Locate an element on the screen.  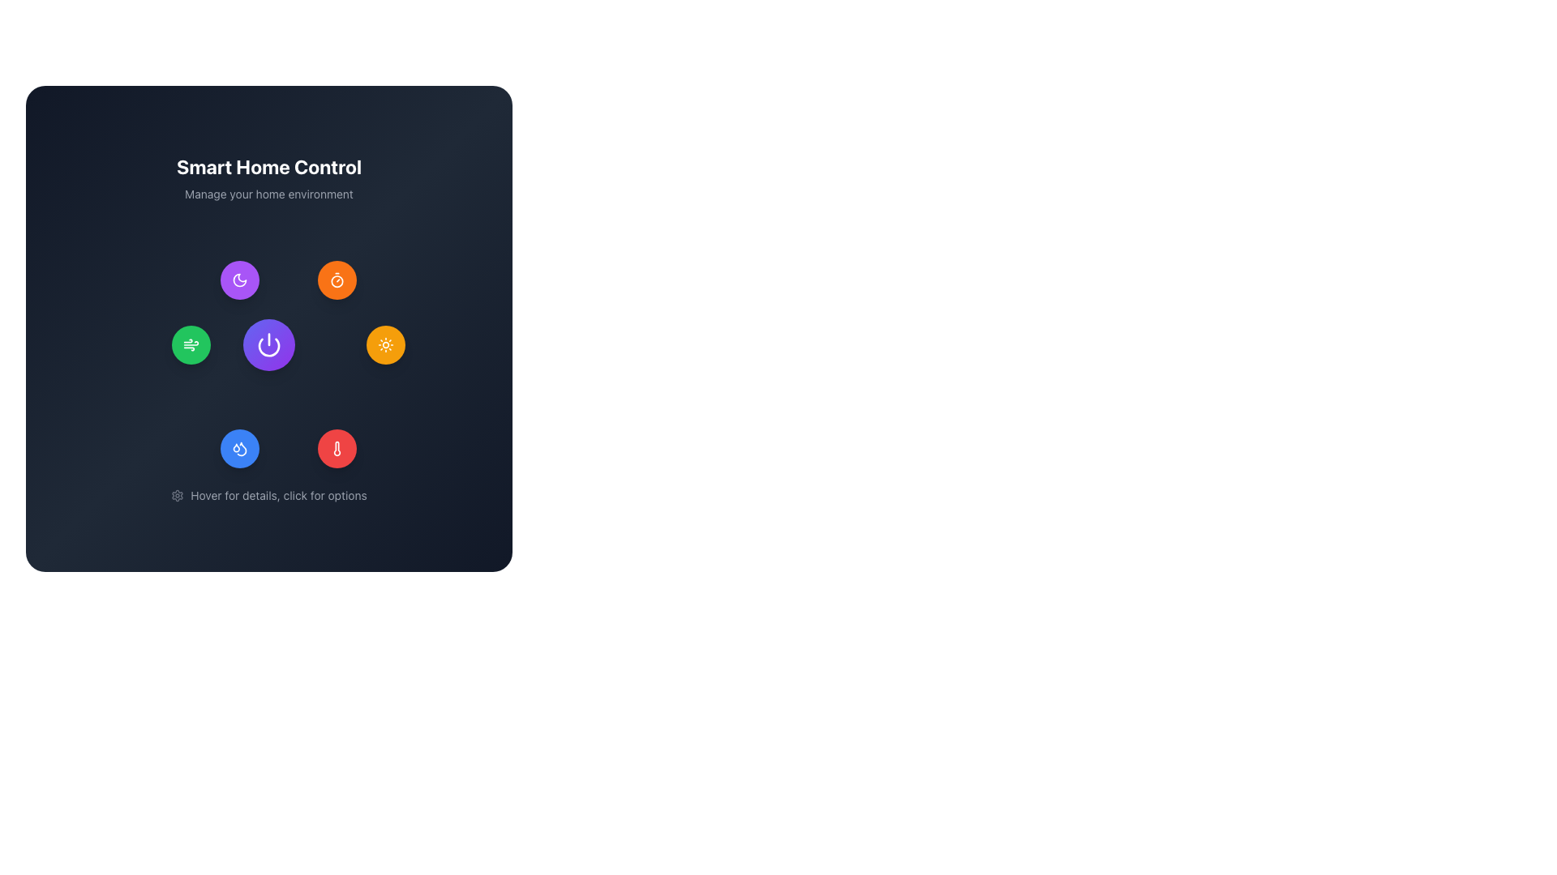
the circular button with a gradient background and a power button icon at its center is located at coordinates (268, 344).